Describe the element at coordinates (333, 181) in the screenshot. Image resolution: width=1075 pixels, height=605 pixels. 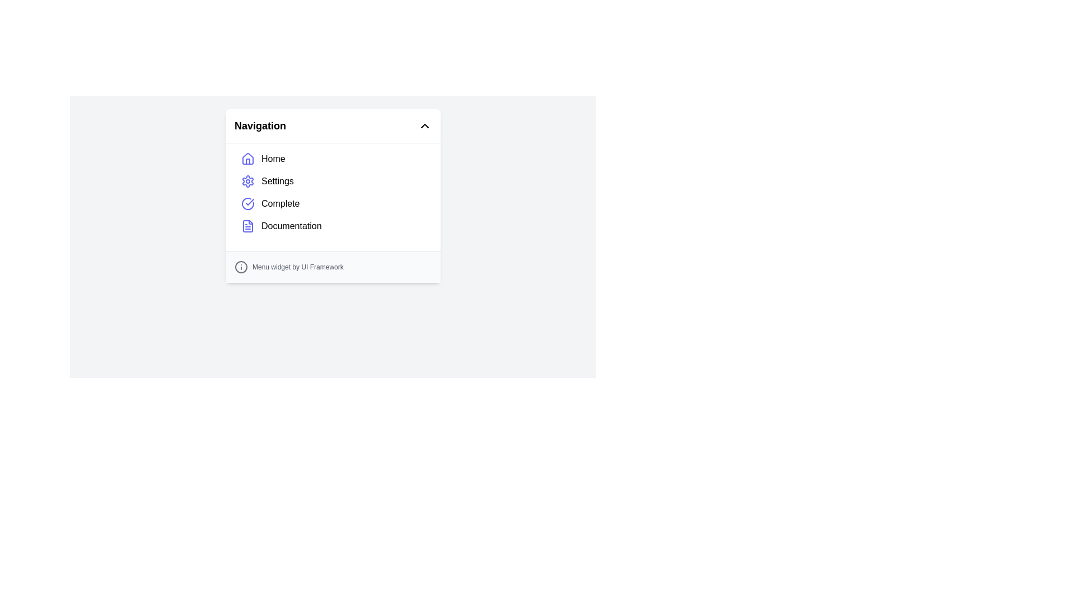
I see `the second navigation menu item titled 'Settings' located under the 'Navigation' section` at that location.